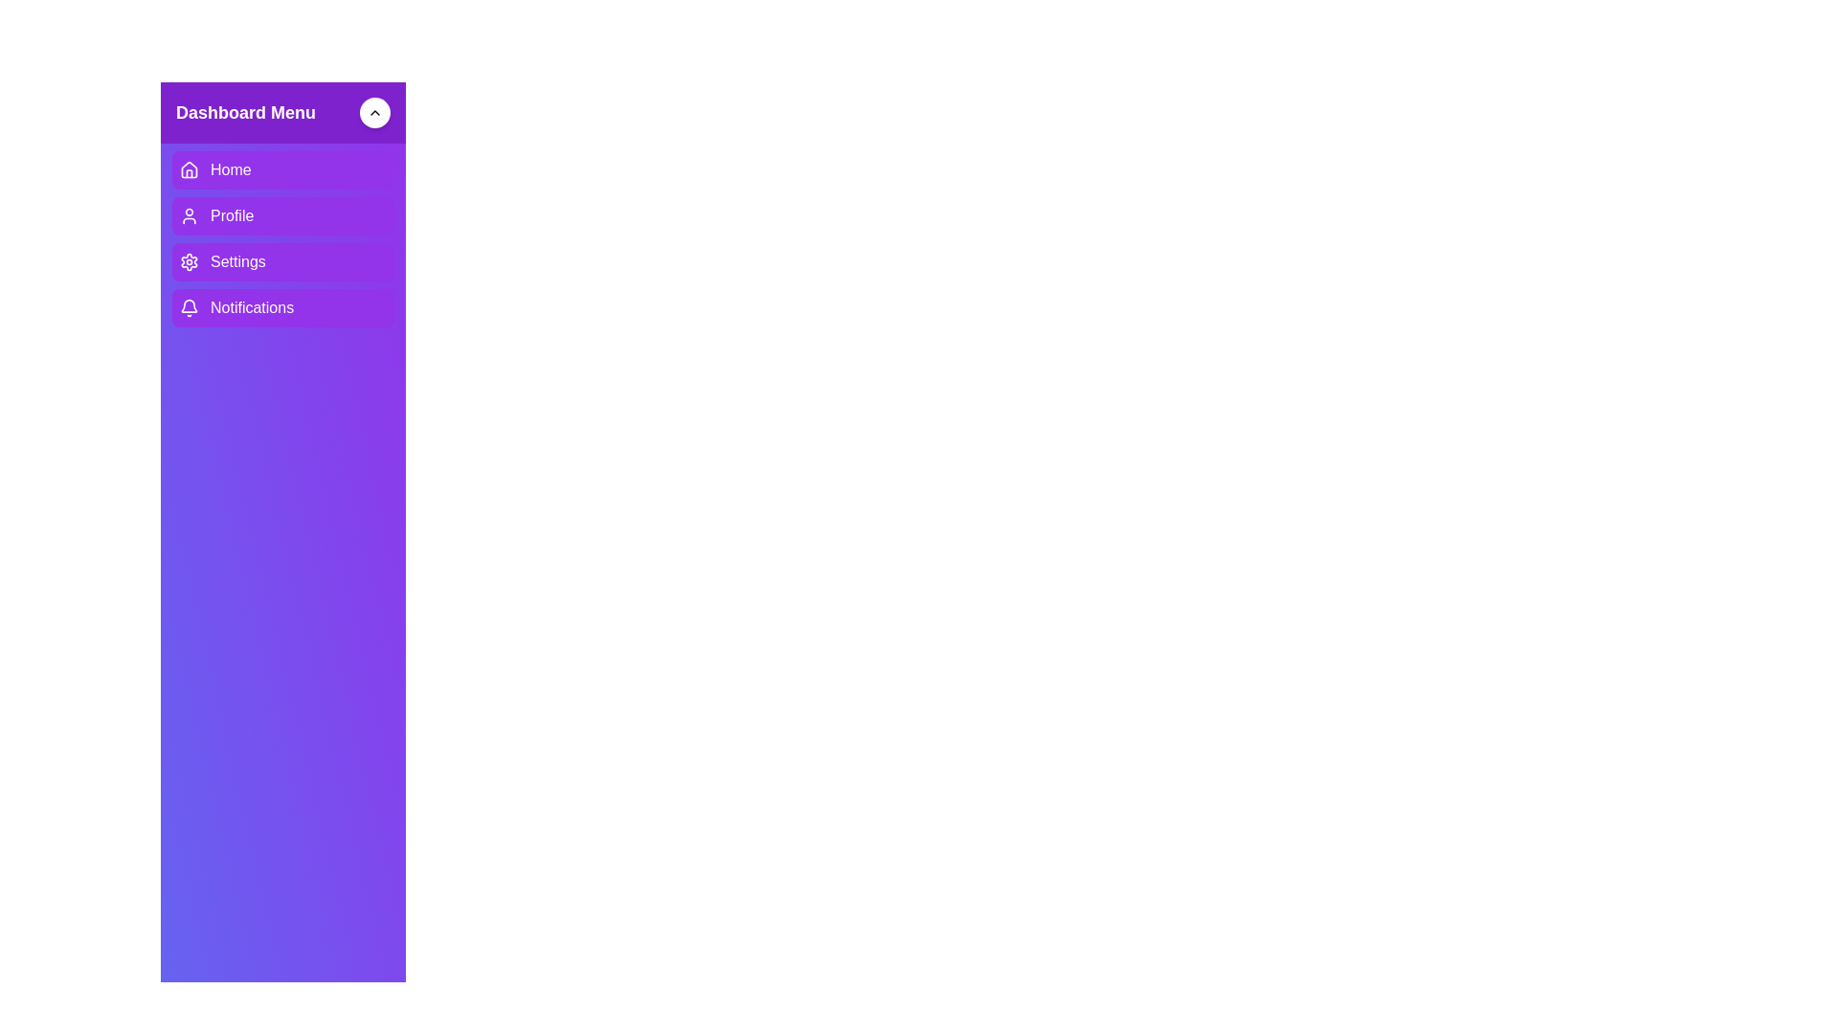 This screenshot has width=1838, height=1034. What do you see at coordinates (189, 169) in the screenshot?
I see `the house-shaped icon in the top-left portion of the menu bar` at bounding box center [189, 169].